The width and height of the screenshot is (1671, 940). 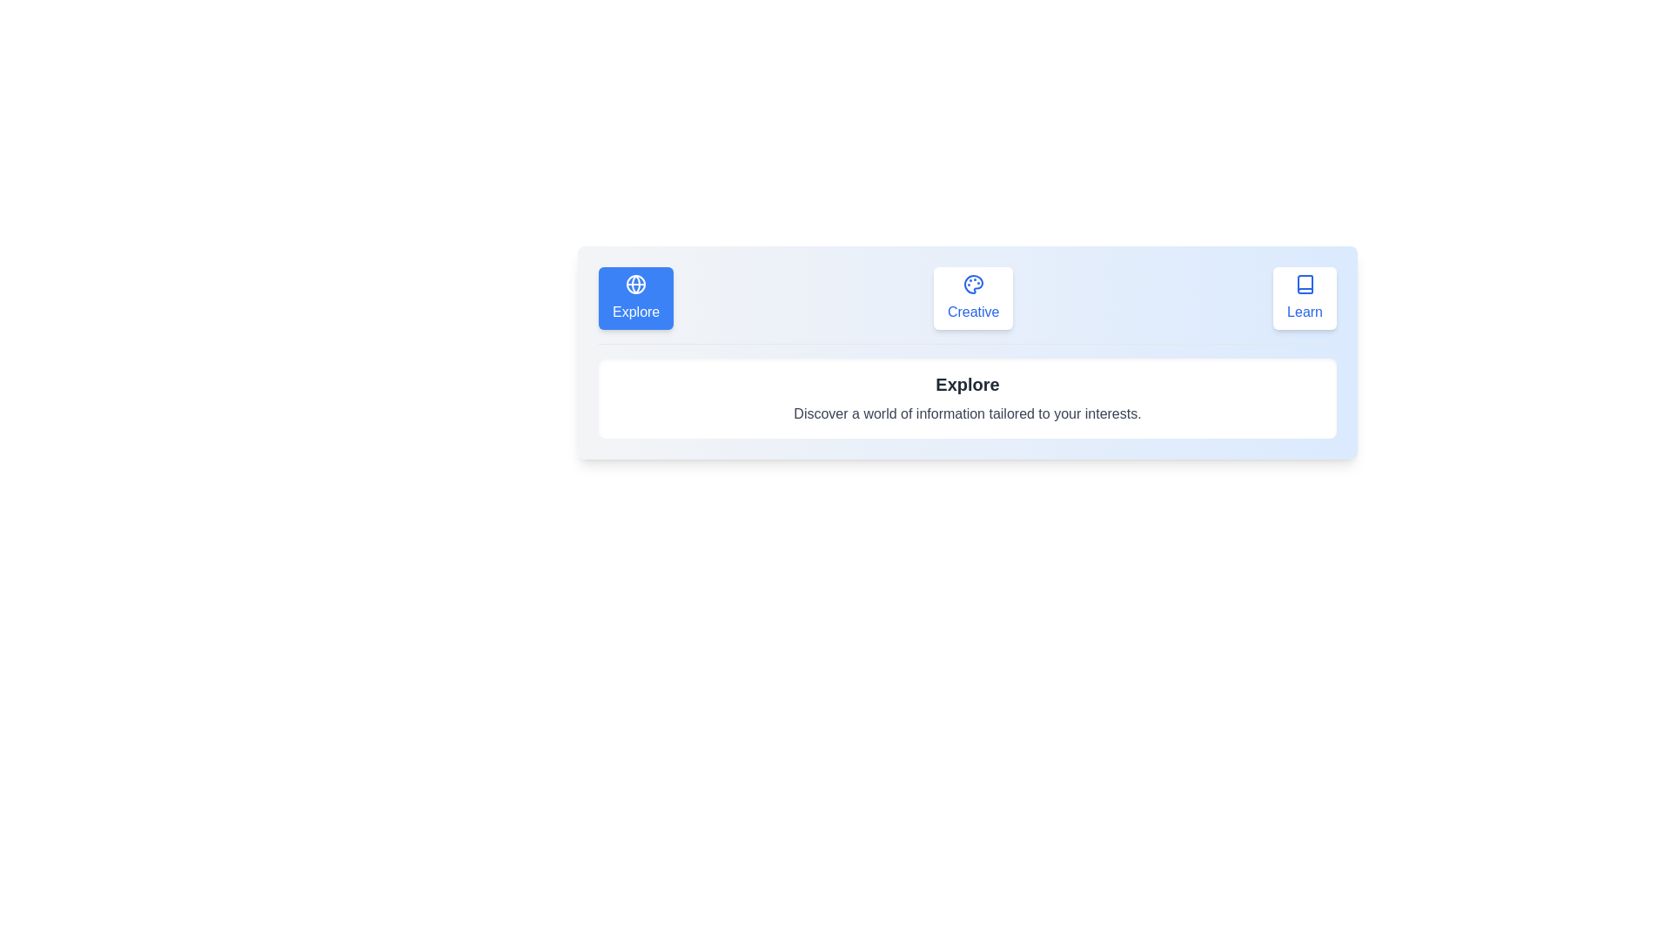 What do you see at coordinates (1304, 298) in the screenshot?
I see `the tab labeled Learn` at bounding box center [1304, 298].